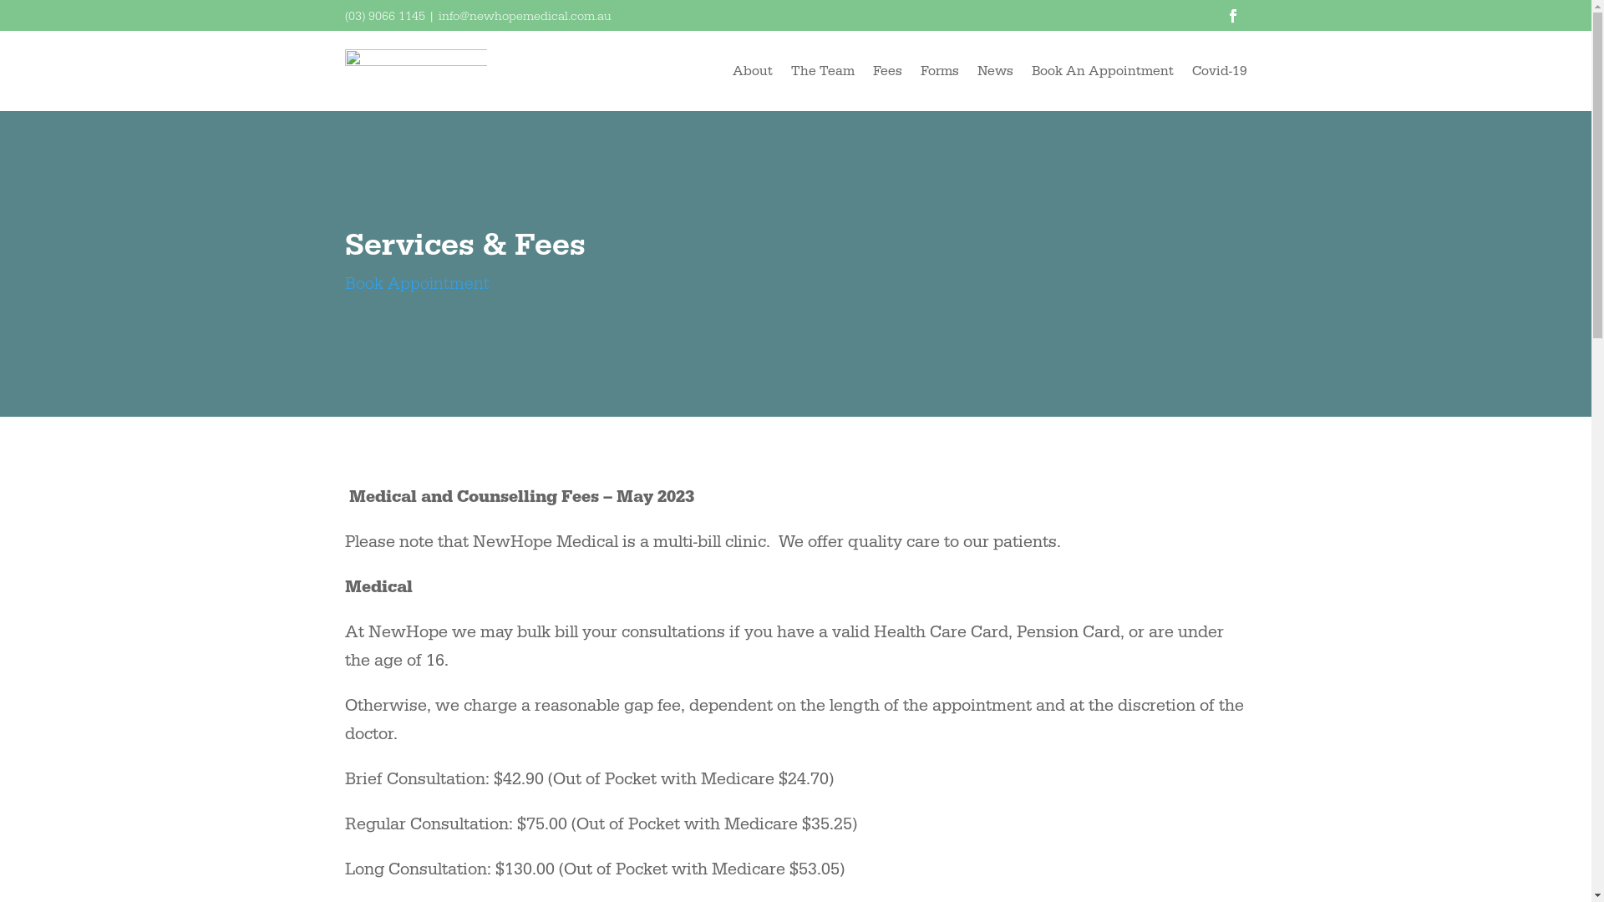 The width and height of the screenshot is (1604, 902). Describe the element at coordinates (886, 69) in the screenshot. I see `'Fees'` at that location.